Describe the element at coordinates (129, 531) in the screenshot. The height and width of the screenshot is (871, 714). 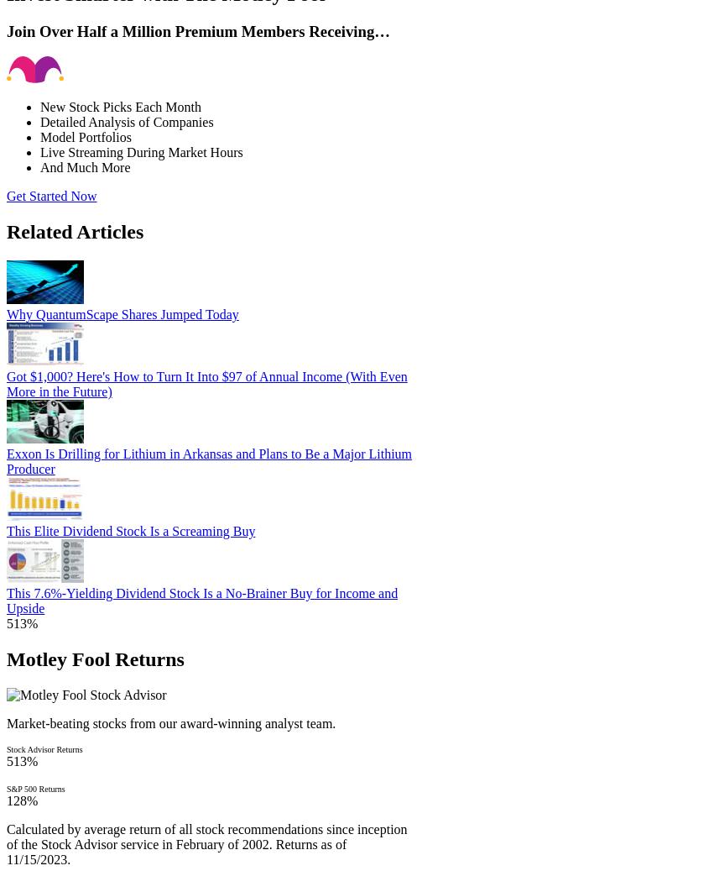
I see `'This Elite Dividend Stock Is a Screaming Buy'` at that location.